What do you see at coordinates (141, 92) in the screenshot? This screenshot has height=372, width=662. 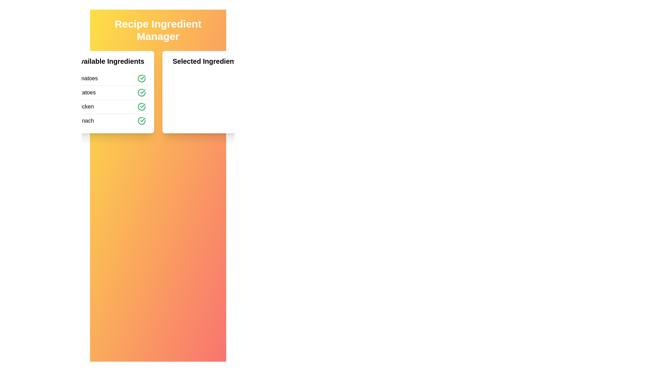 I see `green check icon next to Potatoes to add it to the selected list` at bounding box center [141, 92].